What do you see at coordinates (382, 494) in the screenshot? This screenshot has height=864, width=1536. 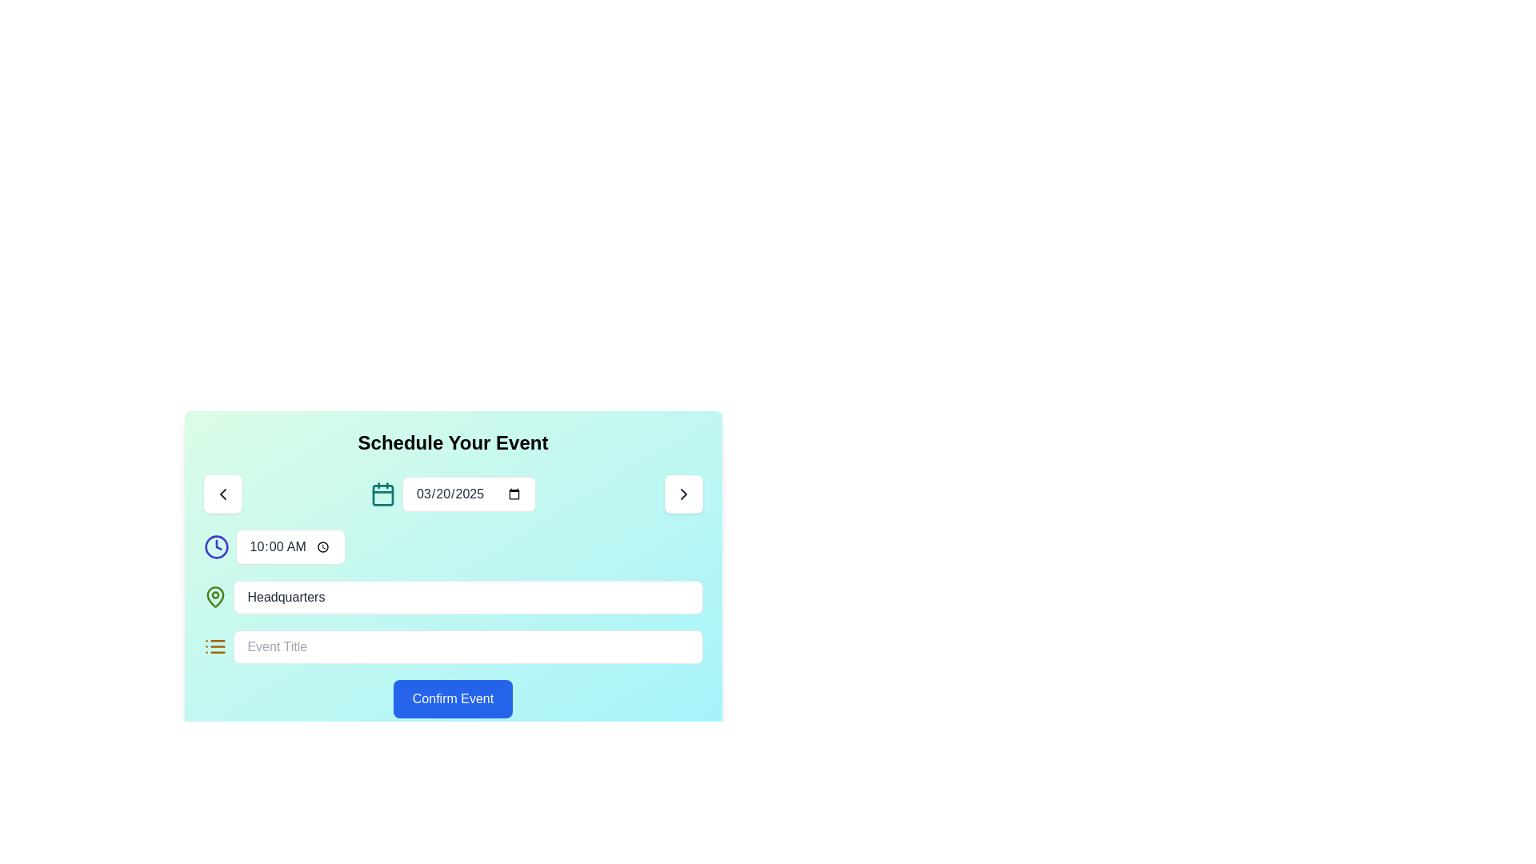 I see `the teal calendar icon button located below the title 'Schedule Your Event'` at bounding box center [382, 494].